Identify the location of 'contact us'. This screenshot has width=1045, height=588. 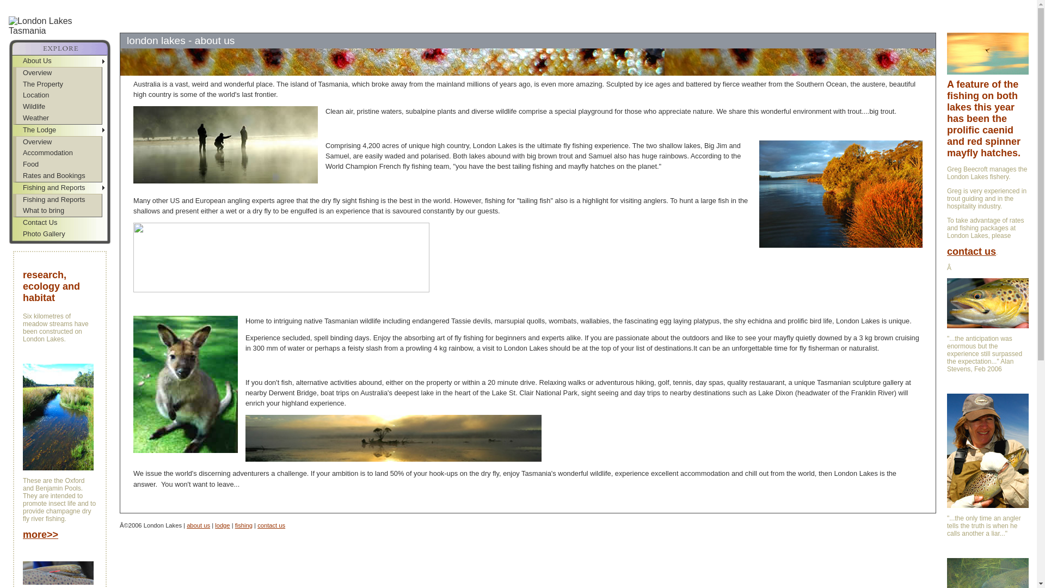
(257, 524).